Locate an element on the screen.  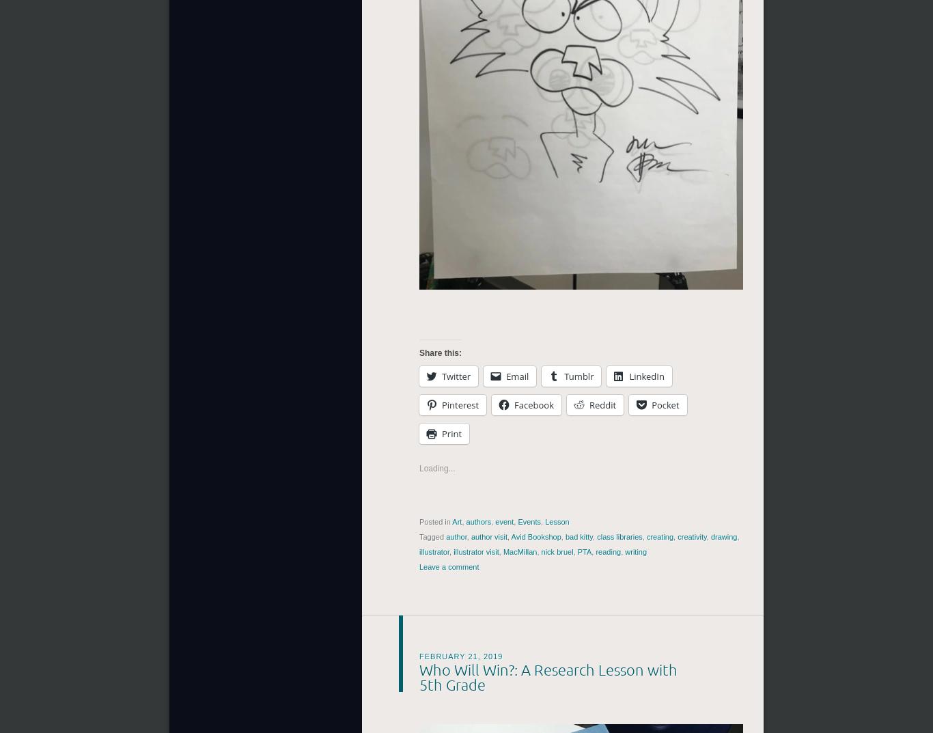
'Posted in' is located at coordinates (435, 521).